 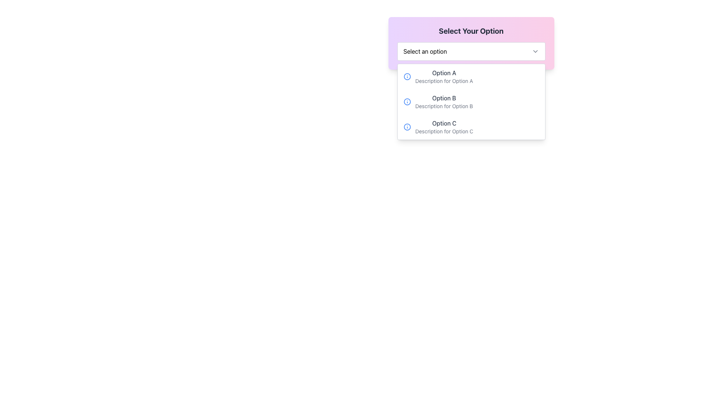 I want to click on to select the dropdown menu item labeled 'Option A' with the subtitle 'Description for Option A', located directly below the dropdown input field, so click(x=471, y=77).